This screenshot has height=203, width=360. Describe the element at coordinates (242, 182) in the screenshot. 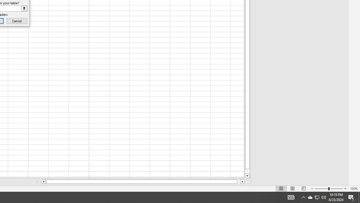

I see `'Column right'` at that location.